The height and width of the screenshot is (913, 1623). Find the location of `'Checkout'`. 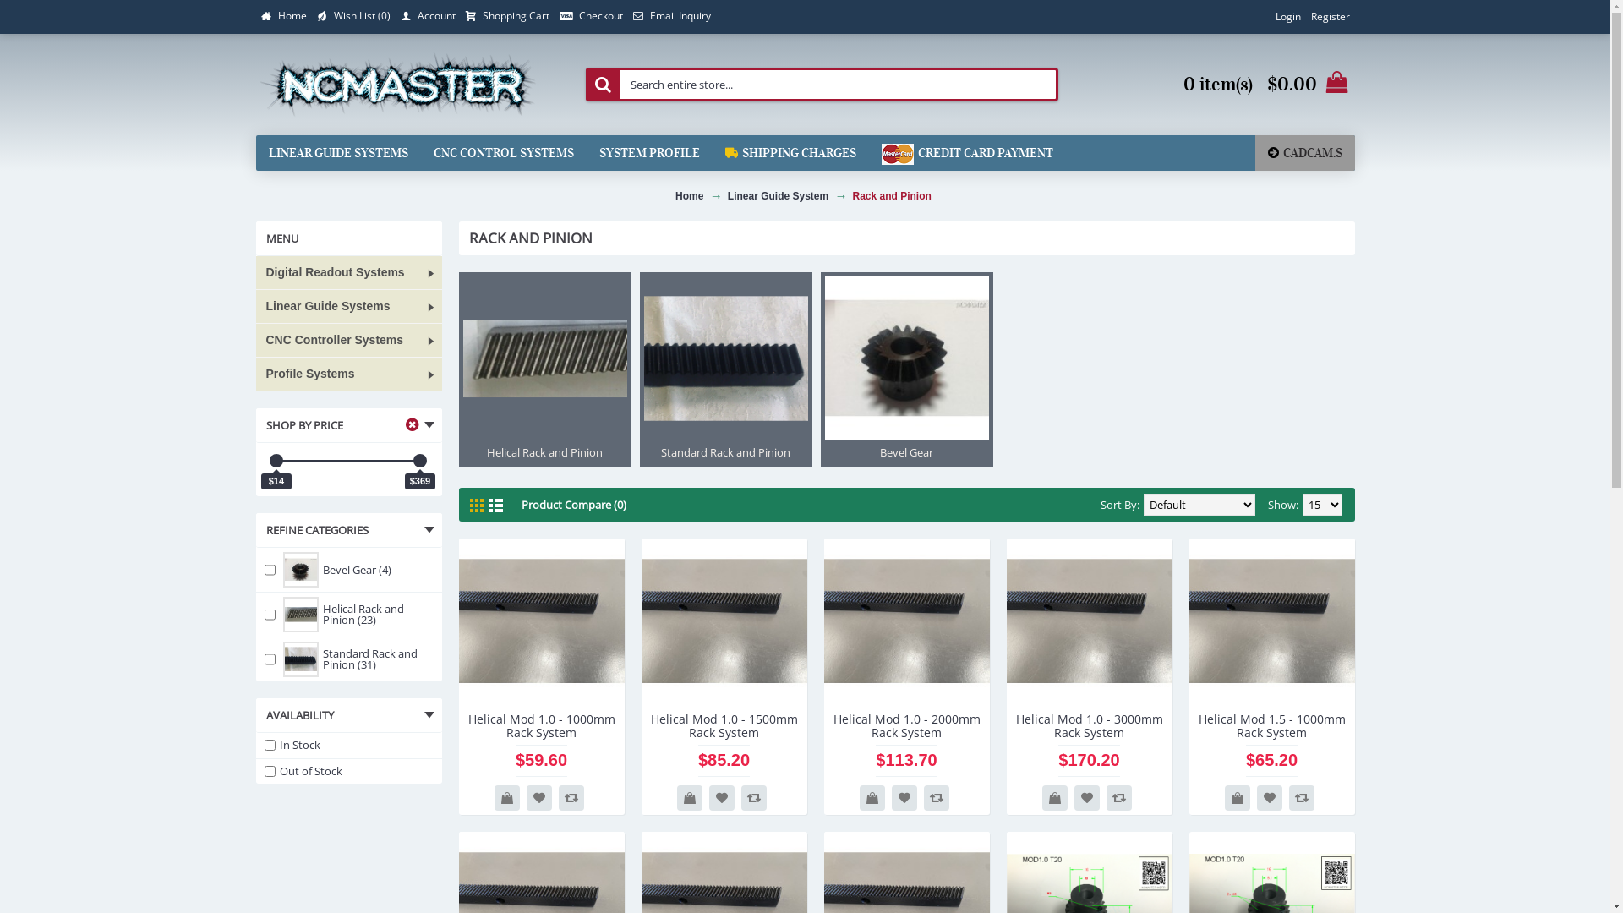

'Checkout' is located at coordinates (555, 16).